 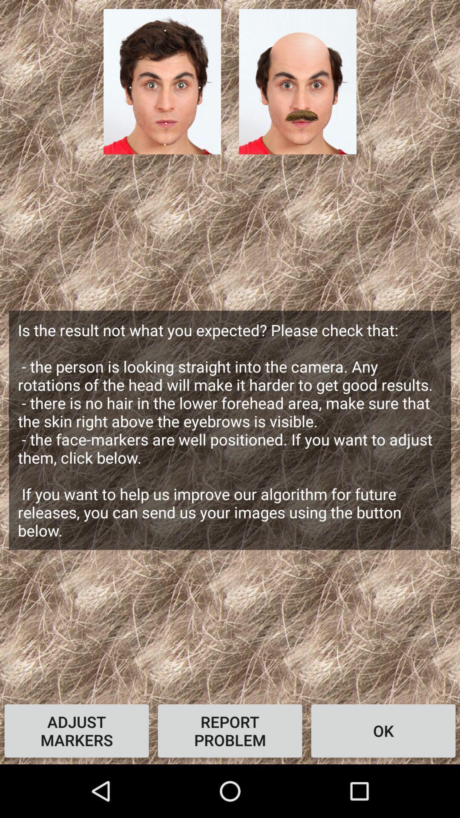 What do you see at coordinates (230, 730) in the screenshot?
I see `the icon below the is the result item` at bounding box center [230, 730].